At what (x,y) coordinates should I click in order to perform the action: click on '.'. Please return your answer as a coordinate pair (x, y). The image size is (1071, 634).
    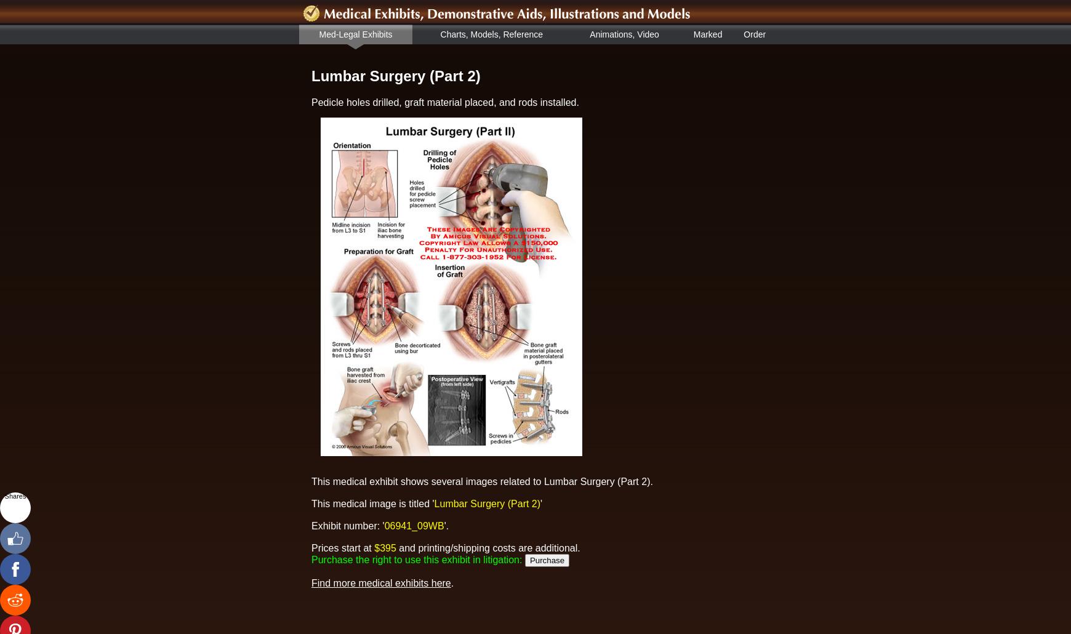
    Looking at the image, I should click on (451, 582).